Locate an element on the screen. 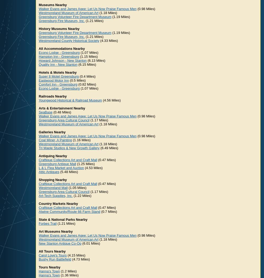  'Comfort Inn - Greensburg' is located at coordinates (58, 84).